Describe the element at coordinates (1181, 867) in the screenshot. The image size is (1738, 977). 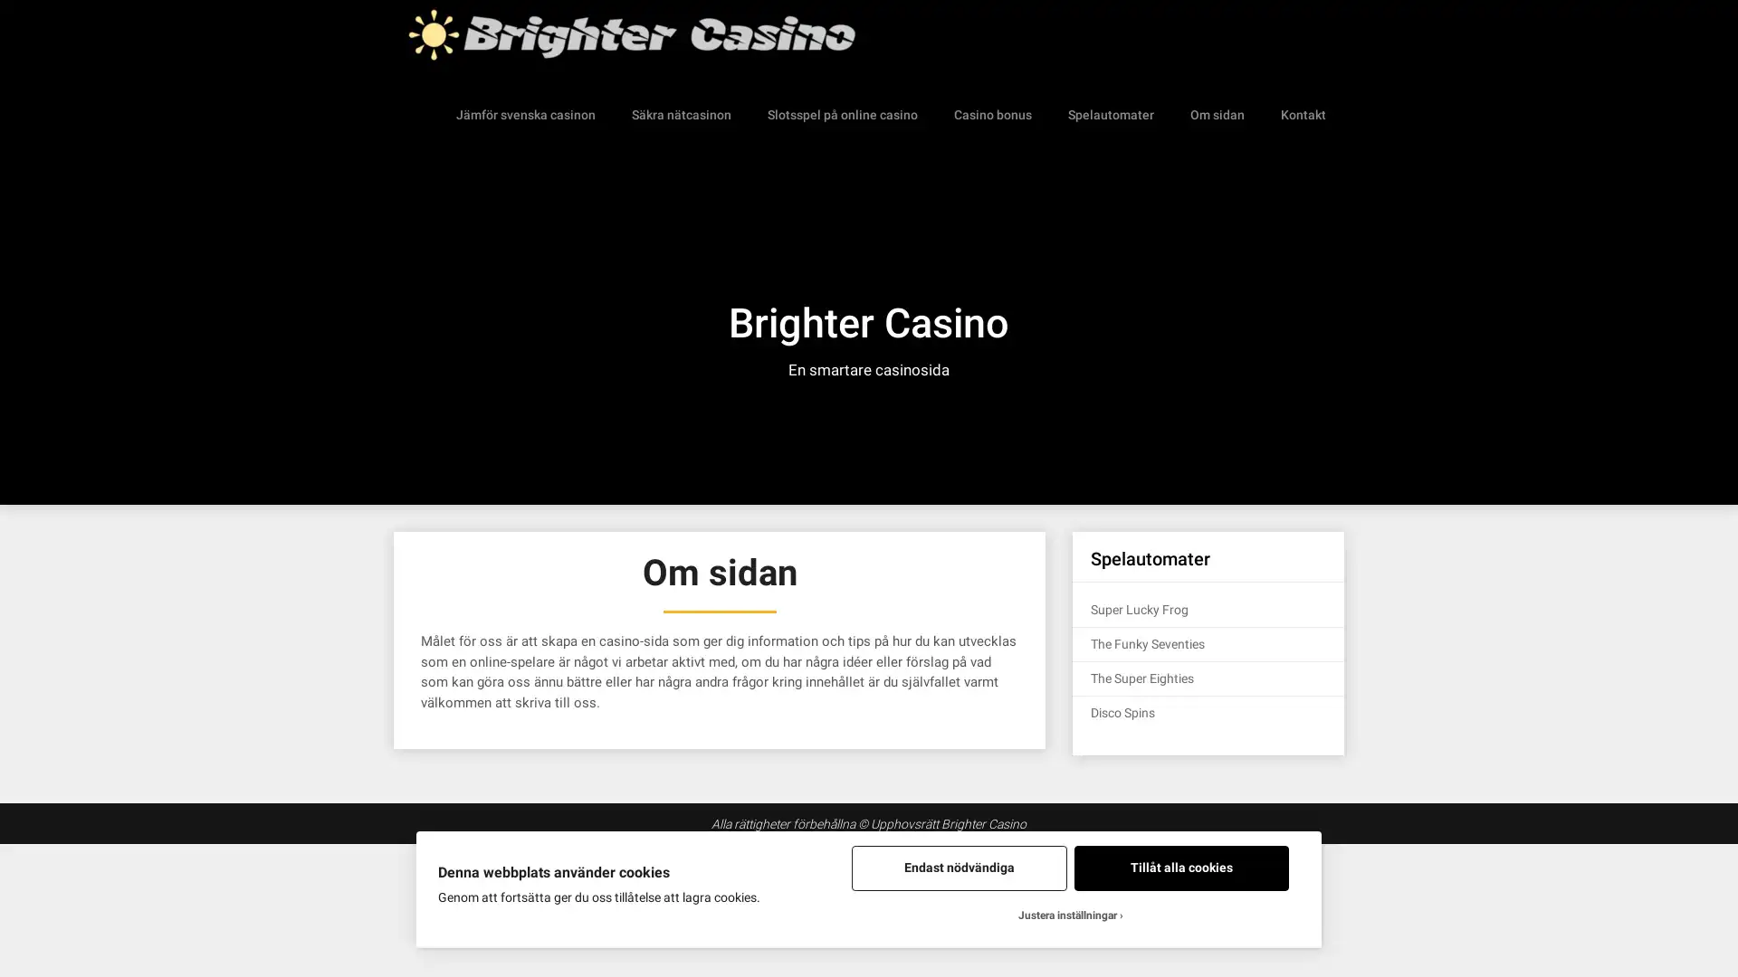
I see `Tillat alla cookies` at that location.